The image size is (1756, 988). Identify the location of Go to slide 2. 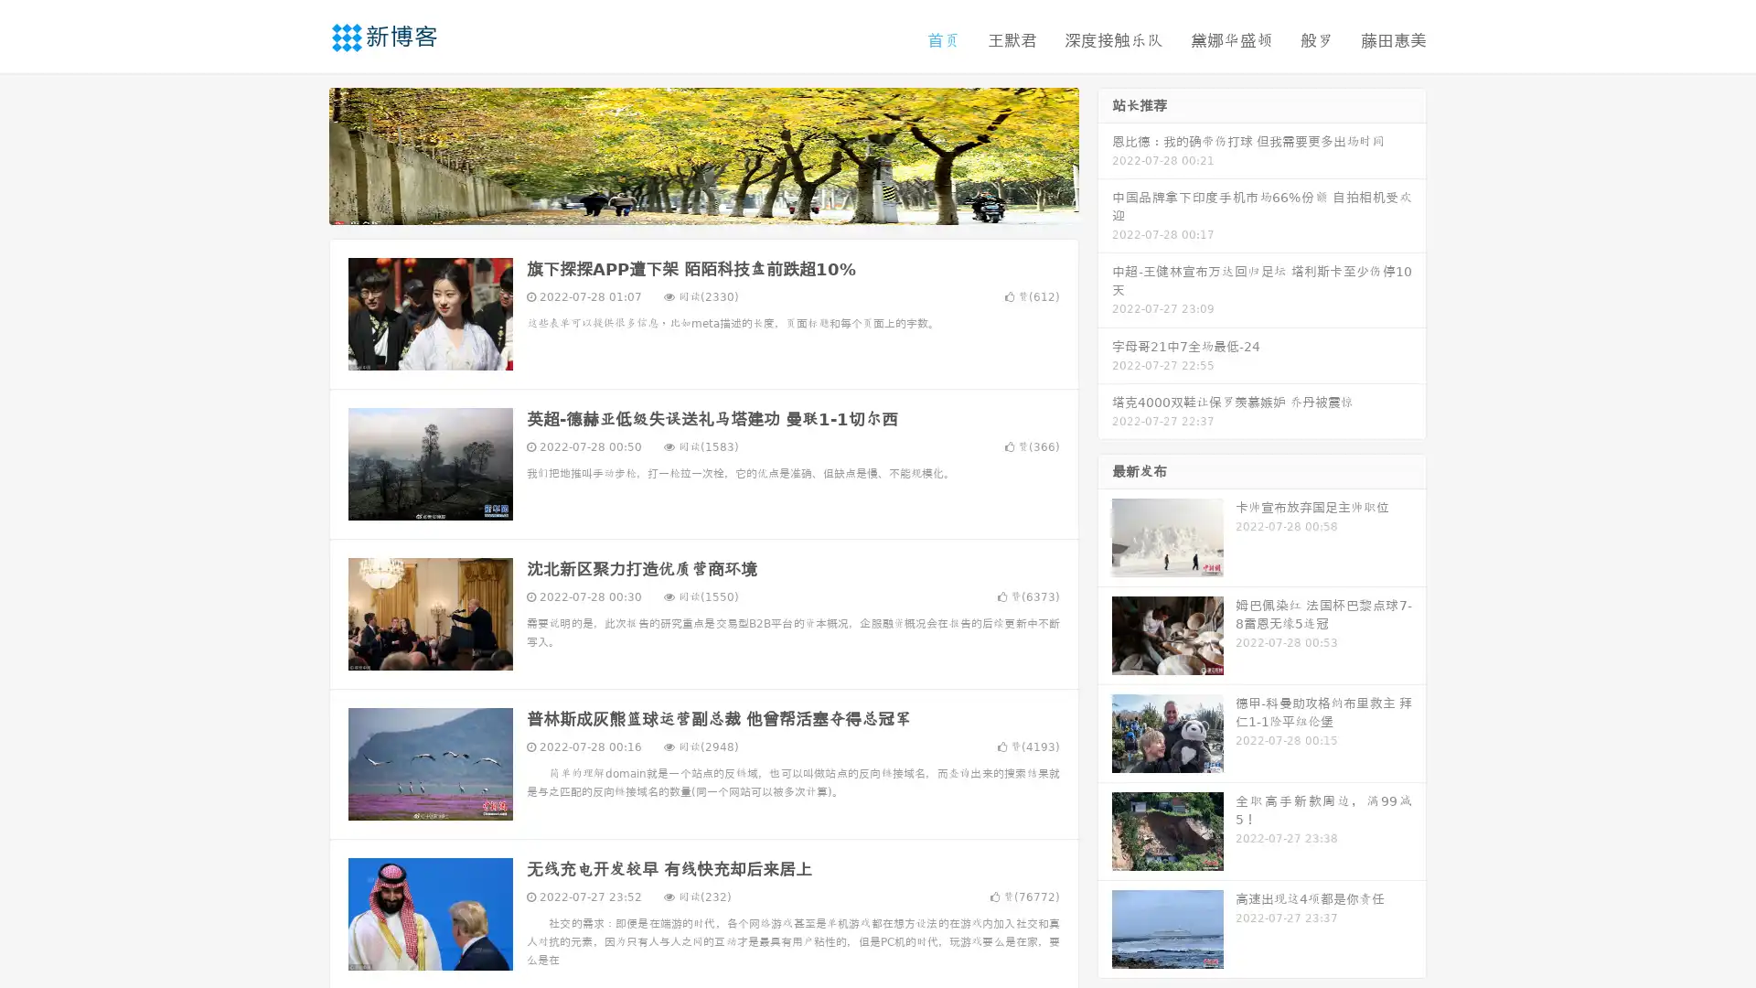
(702, 206).